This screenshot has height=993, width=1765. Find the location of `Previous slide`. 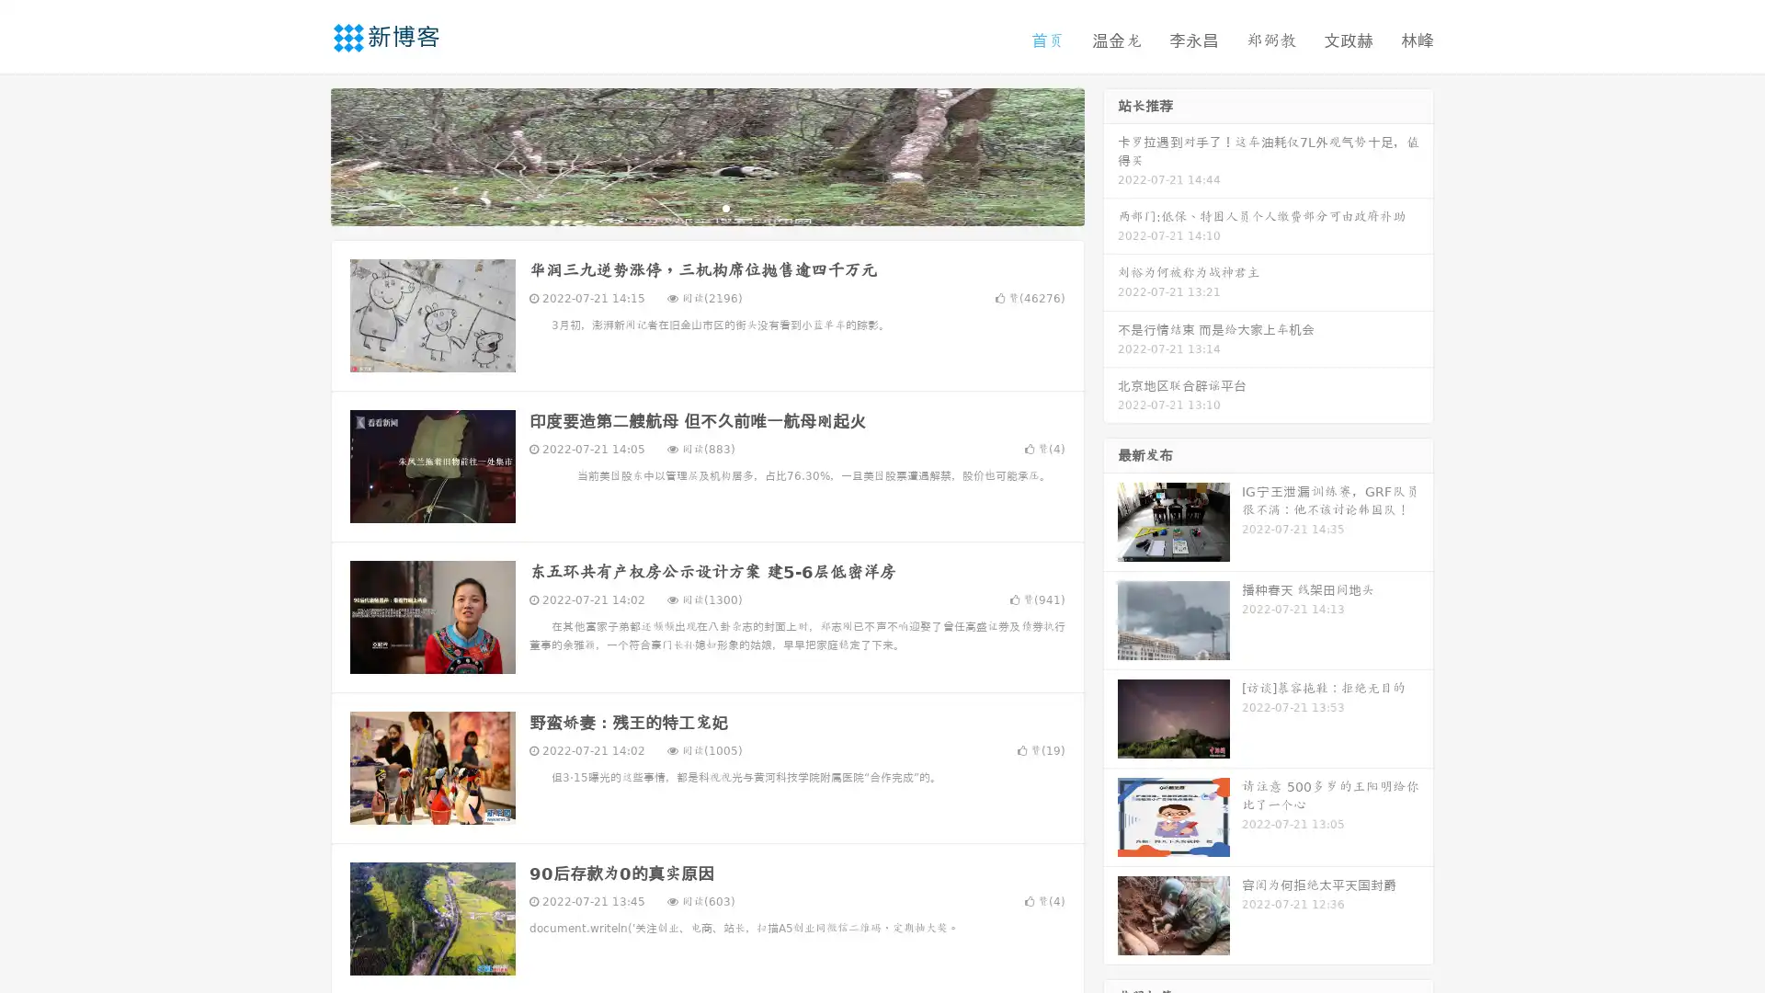

Previous slide is located at coordinates (303, 154).